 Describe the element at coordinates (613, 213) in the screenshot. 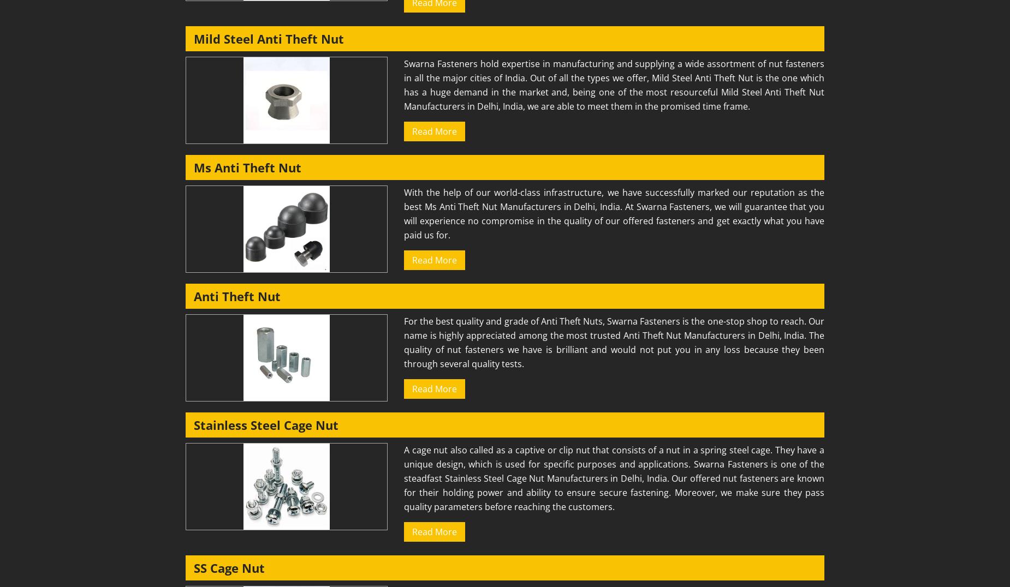

I see `'With the help of our world-class infrastructure, we have successfully marked our reputation as the best Ms Anti Theft Nut Manufacturers in Delhi, India. At Swarna Fasteners, we will guarantee that you will experience no compromise in the quality of our offered fasteners and get exactly what you have paid us for.'` at that location.